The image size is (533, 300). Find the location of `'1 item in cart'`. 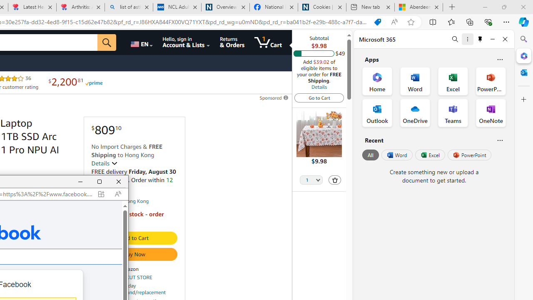

'1 item in cart' is located at coordinates (268, 42).